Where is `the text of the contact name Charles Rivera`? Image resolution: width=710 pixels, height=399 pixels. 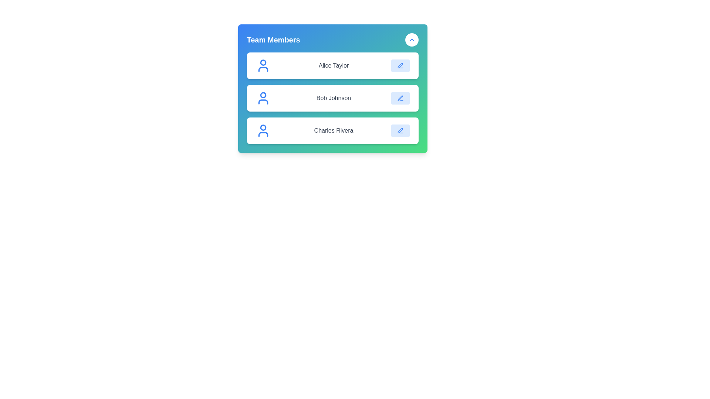
the text of the contact name Charles Rivera is located at coordinates (333, 130).